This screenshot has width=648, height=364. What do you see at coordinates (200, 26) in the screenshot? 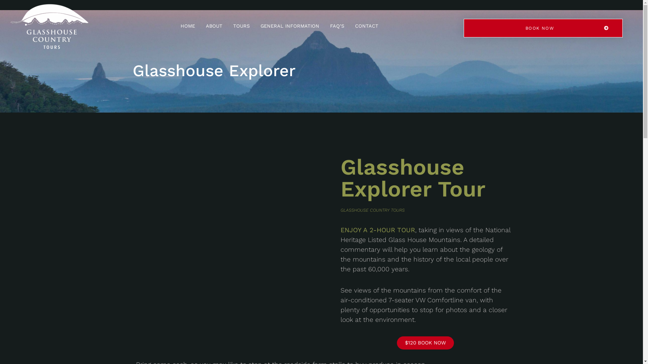
I see `'ABOUT'` at bounding box center [200, 26].